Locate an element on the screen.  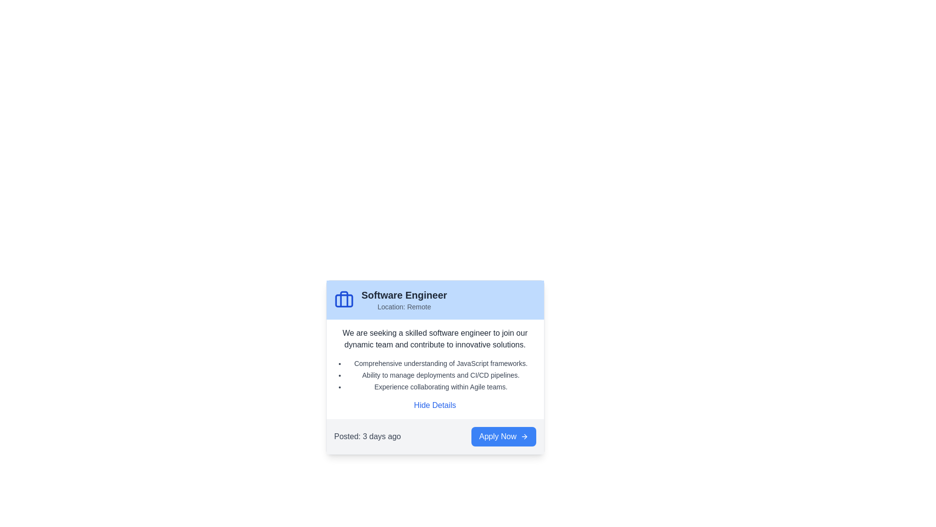
the first item in the bulleted list of key responsibilities for the job position is located at coordinates (440, 363).